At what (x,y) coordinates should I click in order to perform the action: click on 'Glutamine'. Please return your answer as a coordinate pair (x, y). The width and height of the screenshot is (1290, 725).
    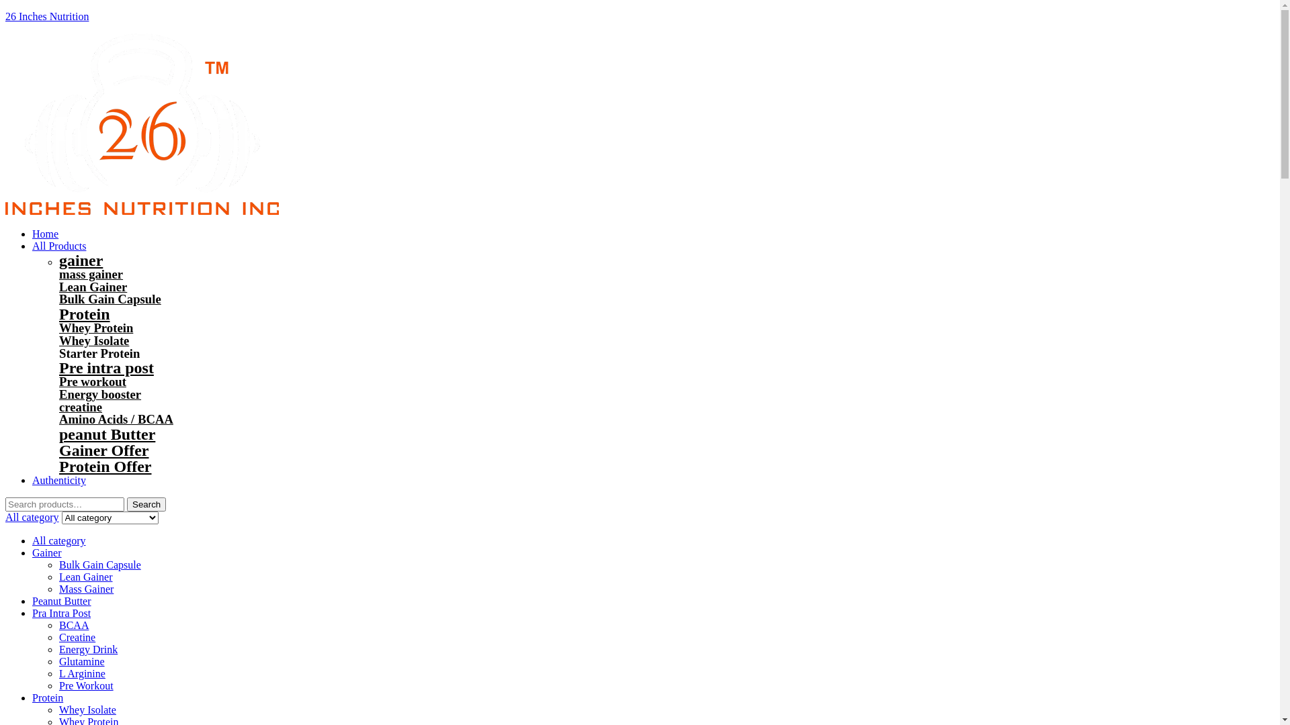
    Looking at the image, I should click on (58, 661).